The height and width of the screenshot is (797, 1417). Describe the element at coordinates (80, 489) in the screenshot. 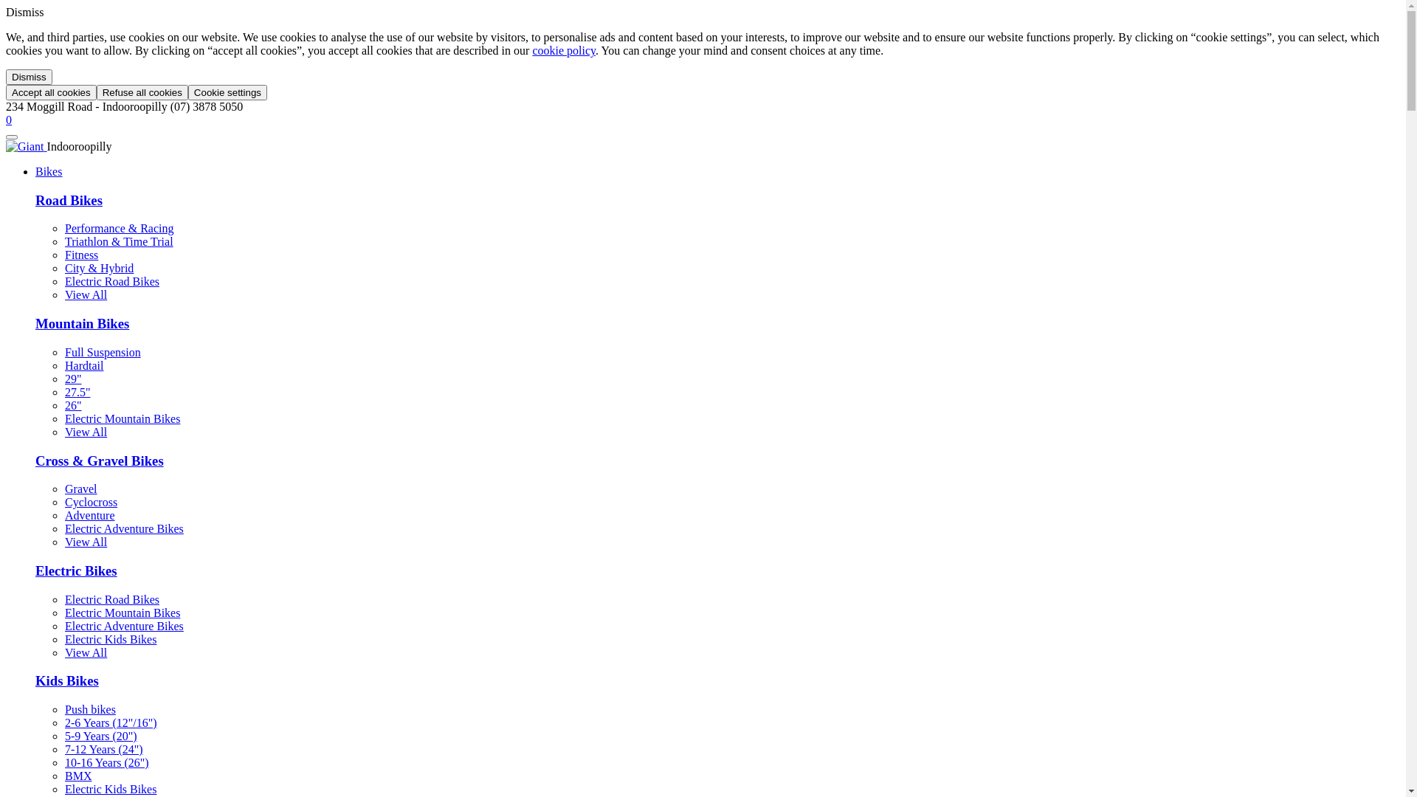

I see `'Gravel'` at that location.